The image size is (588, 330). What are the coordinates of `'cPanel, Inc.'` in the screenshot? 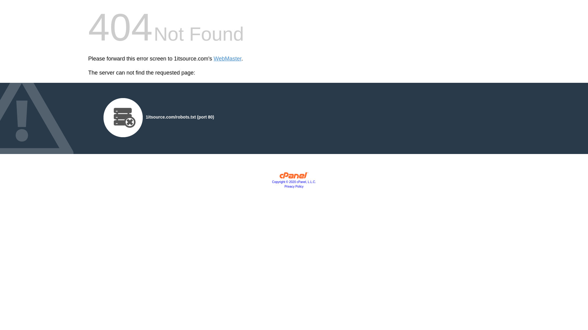 It's located at (294, 177).